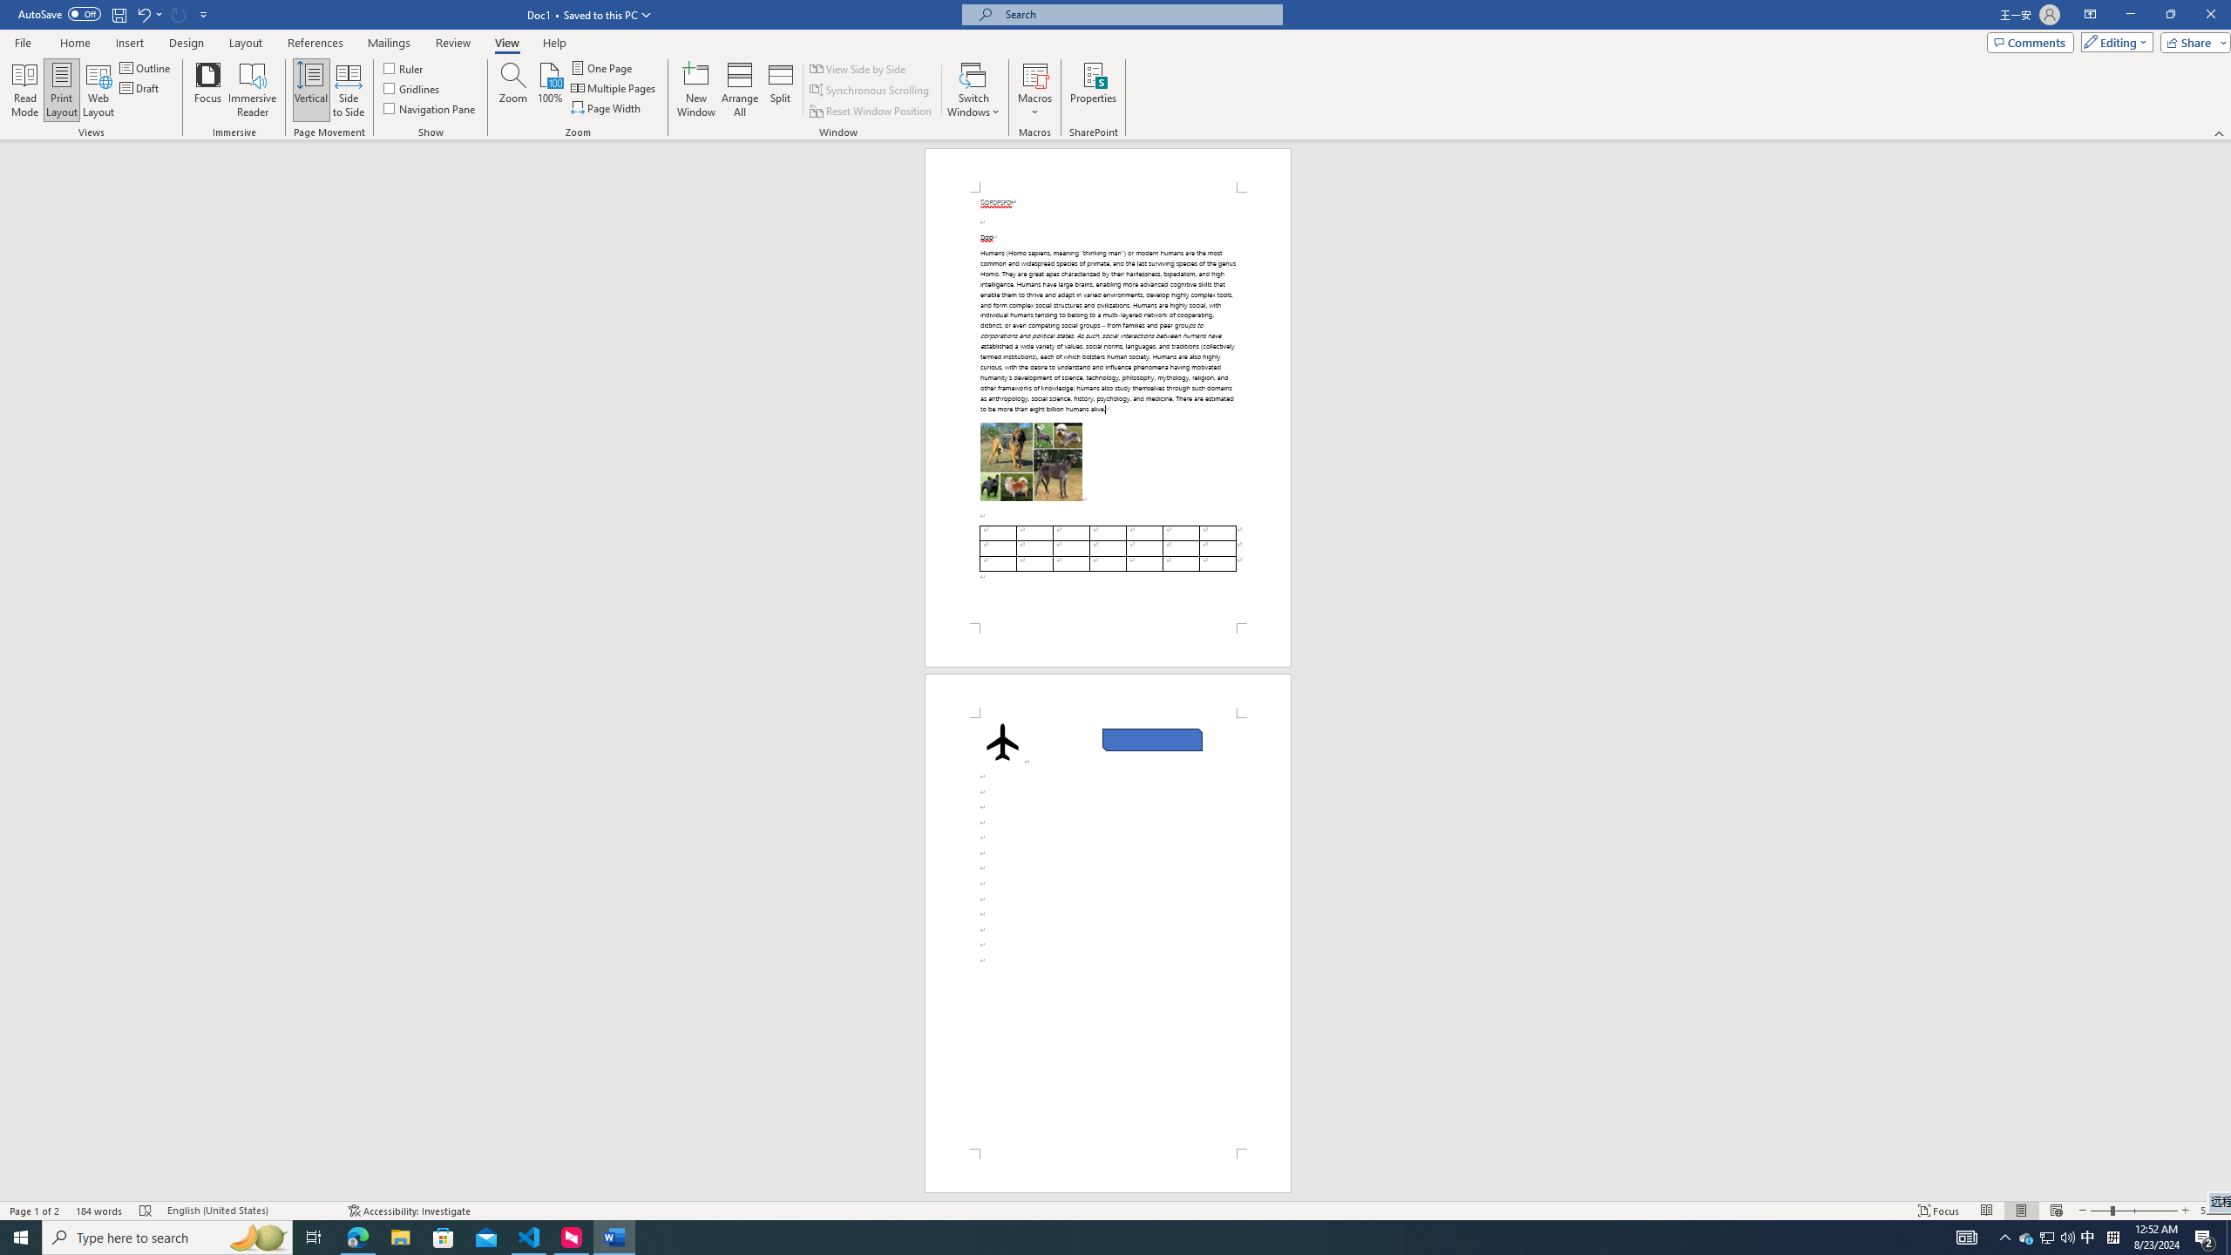  What do you see at coordinates (1034, 73) in the screenshot?
I see `'View Macros'` at bounding box center [1034, 73].